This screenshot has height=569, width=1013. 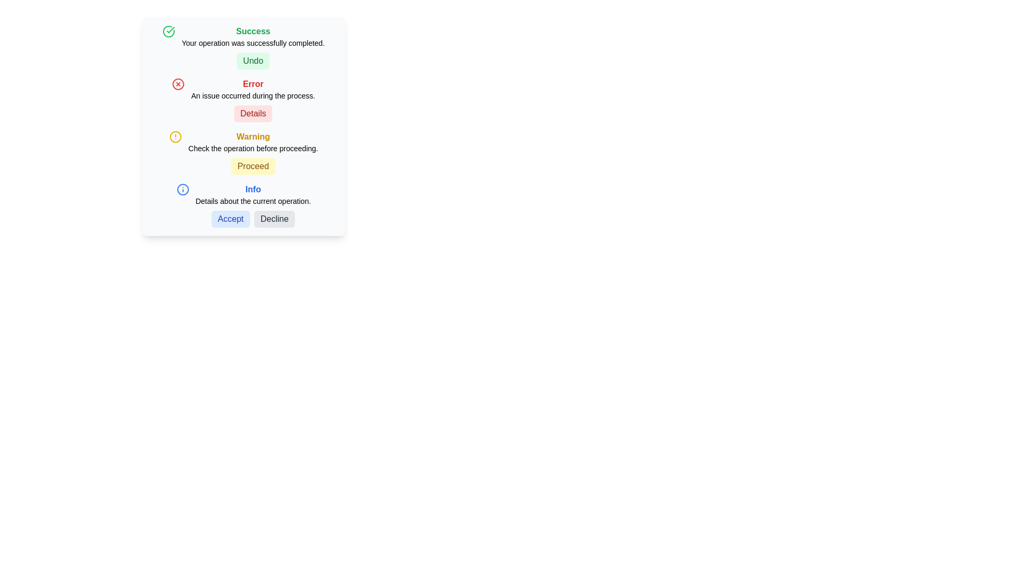 What do you see at coordinates (253, 166) in the screenshot?
I see `the confirmatory button located below the warning message to proceed with the operation` at bounding box center [253, 166].